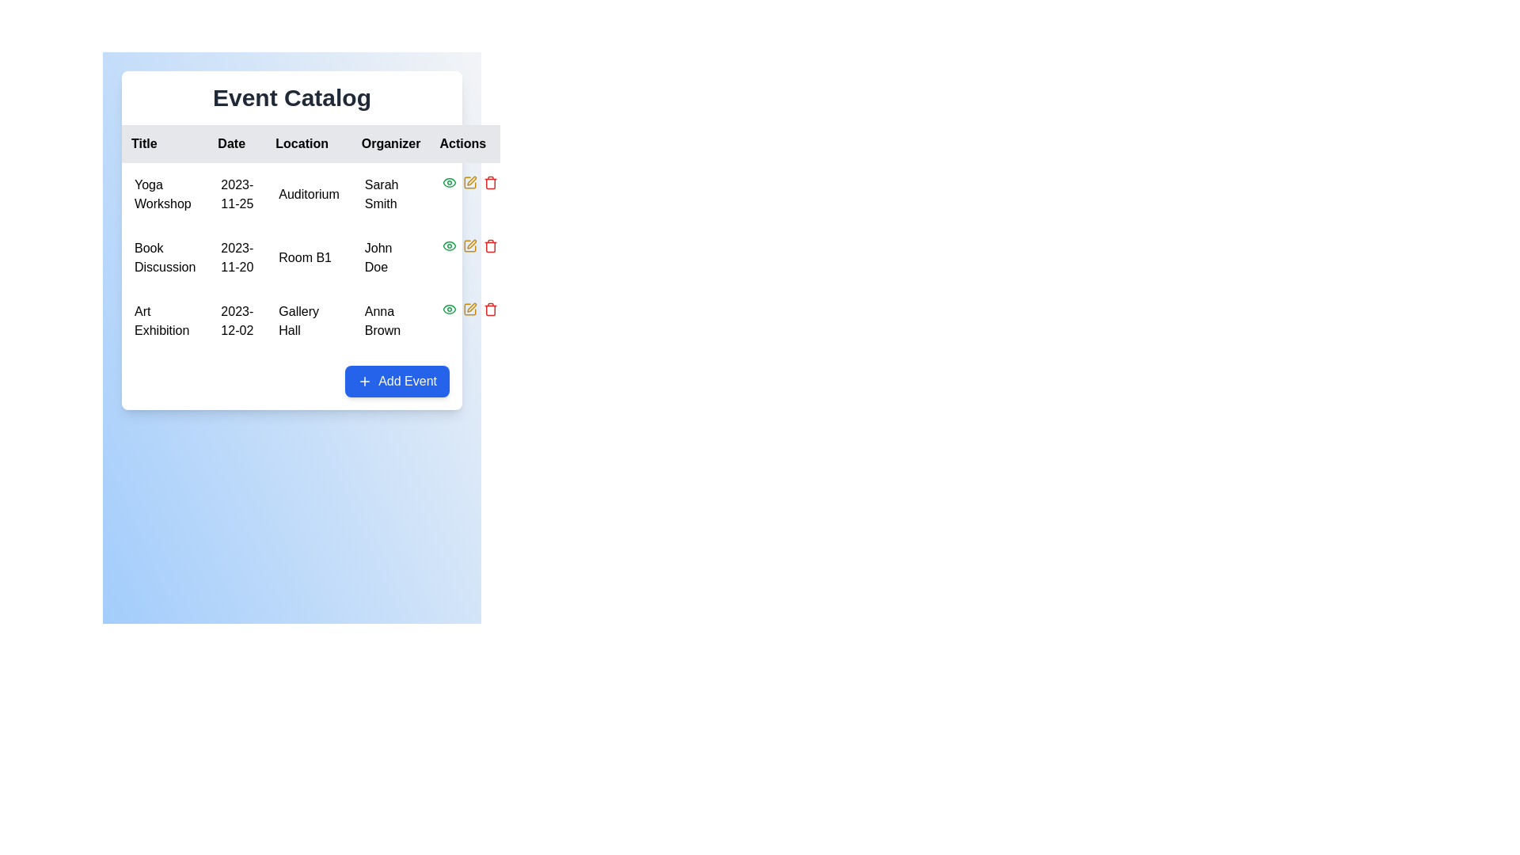 Image resolution: width=1520 pixels, height=855 pixels. Describe the element at coordinates (316, 194) in the screenshot. I see `the first row of the event table, which contains event information such as title, date, location, and organizer` at that location.